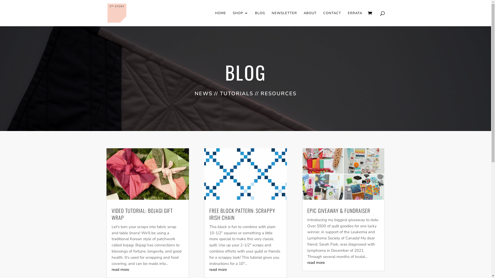  What do you see at coordinates (142, 214) in the screenshot?
I see `'VIDEO TUTORIAL: BOJAGI GIFT WRAP'` at bounding box center [142, 214].